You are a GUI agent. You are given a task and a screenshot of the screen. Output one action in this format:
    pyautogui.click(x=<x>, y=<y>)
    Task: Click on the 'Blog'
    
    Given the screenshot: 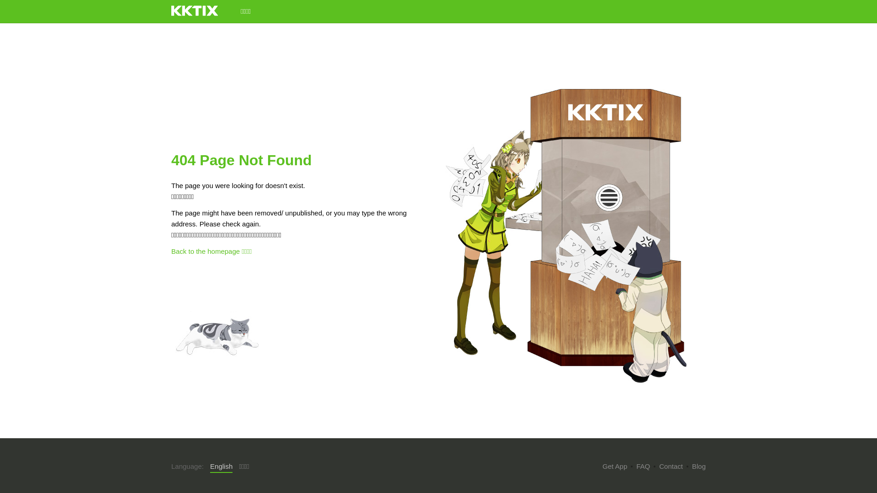 What is the action you would take?
    pyautogui.click(x=698, y=466)
    